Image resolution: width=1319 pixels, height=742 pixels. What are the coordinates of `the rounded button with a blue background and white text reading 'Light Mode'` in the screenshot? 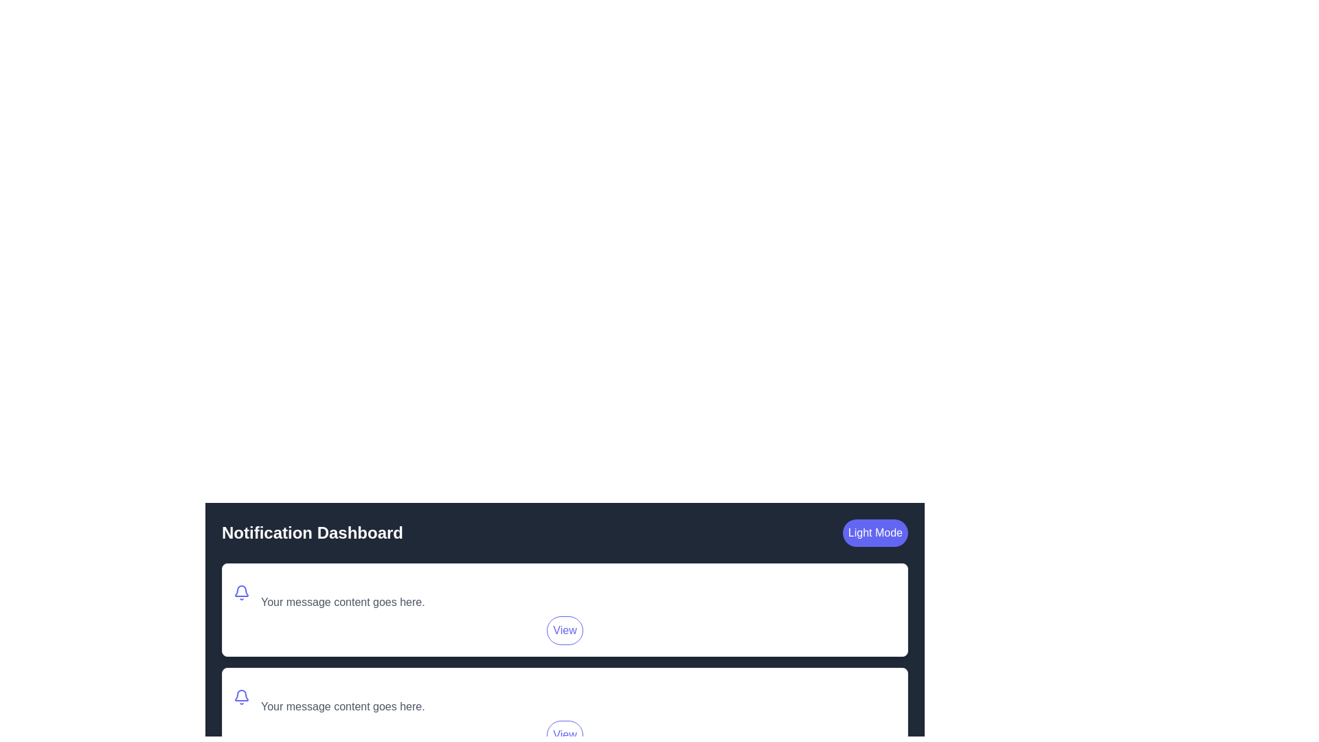 It's located at (875, 532).